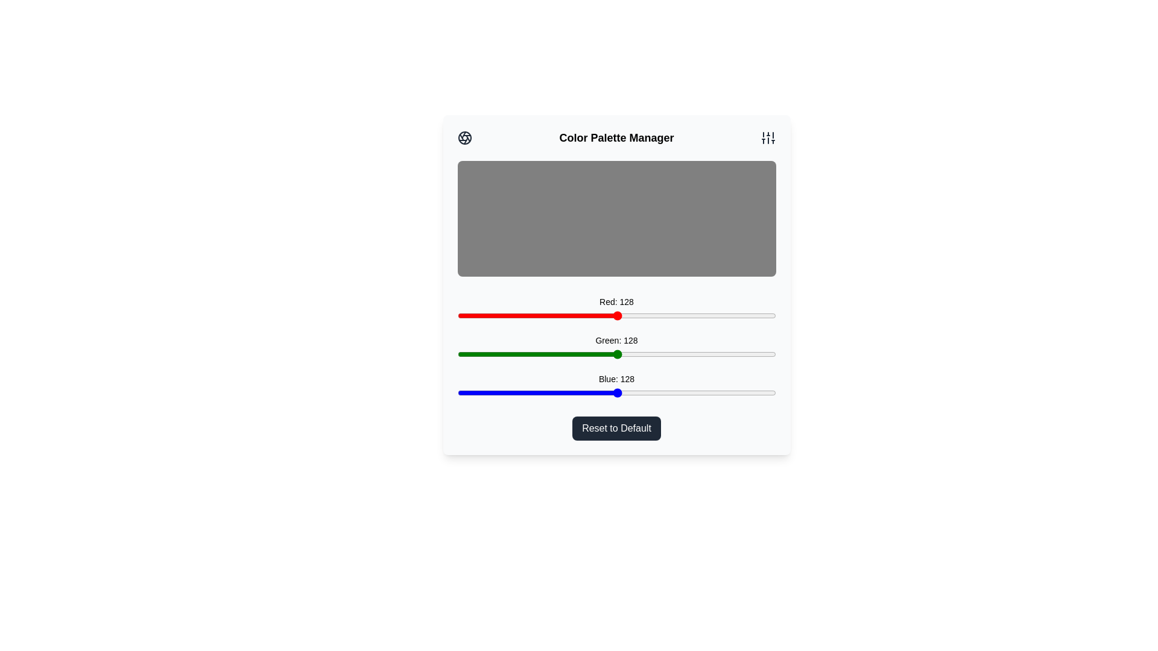  I want to click on the red color slider to 124, so click(612, 315).